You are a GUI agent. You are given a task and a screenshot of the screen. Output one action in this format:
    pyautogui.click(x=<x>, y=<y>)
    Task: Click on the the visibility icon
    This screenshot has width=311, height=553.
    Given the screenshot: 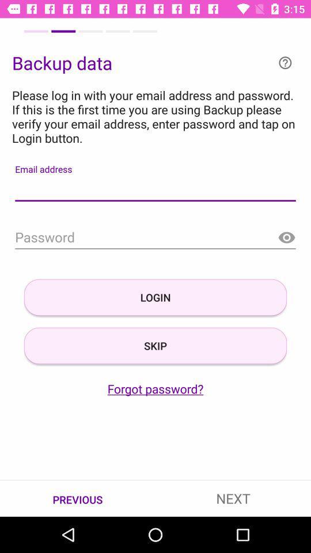 What is the action you would take?
    pyautogui.click(x=286, y=237)
    